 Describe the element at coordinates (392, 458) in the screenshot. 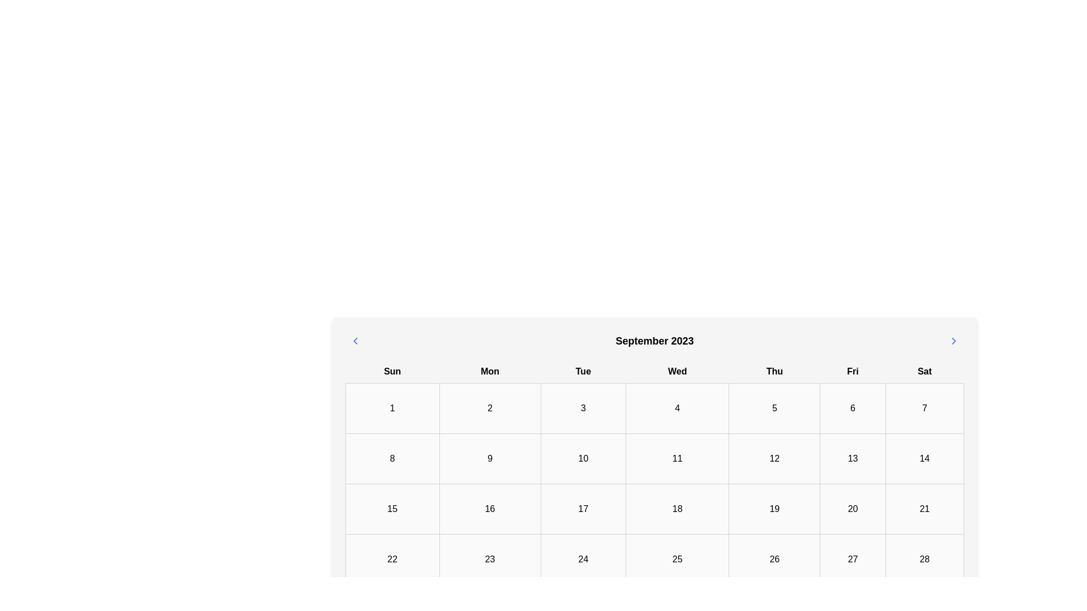

I see `the Calendar date box displaying the number '8'` at that location.